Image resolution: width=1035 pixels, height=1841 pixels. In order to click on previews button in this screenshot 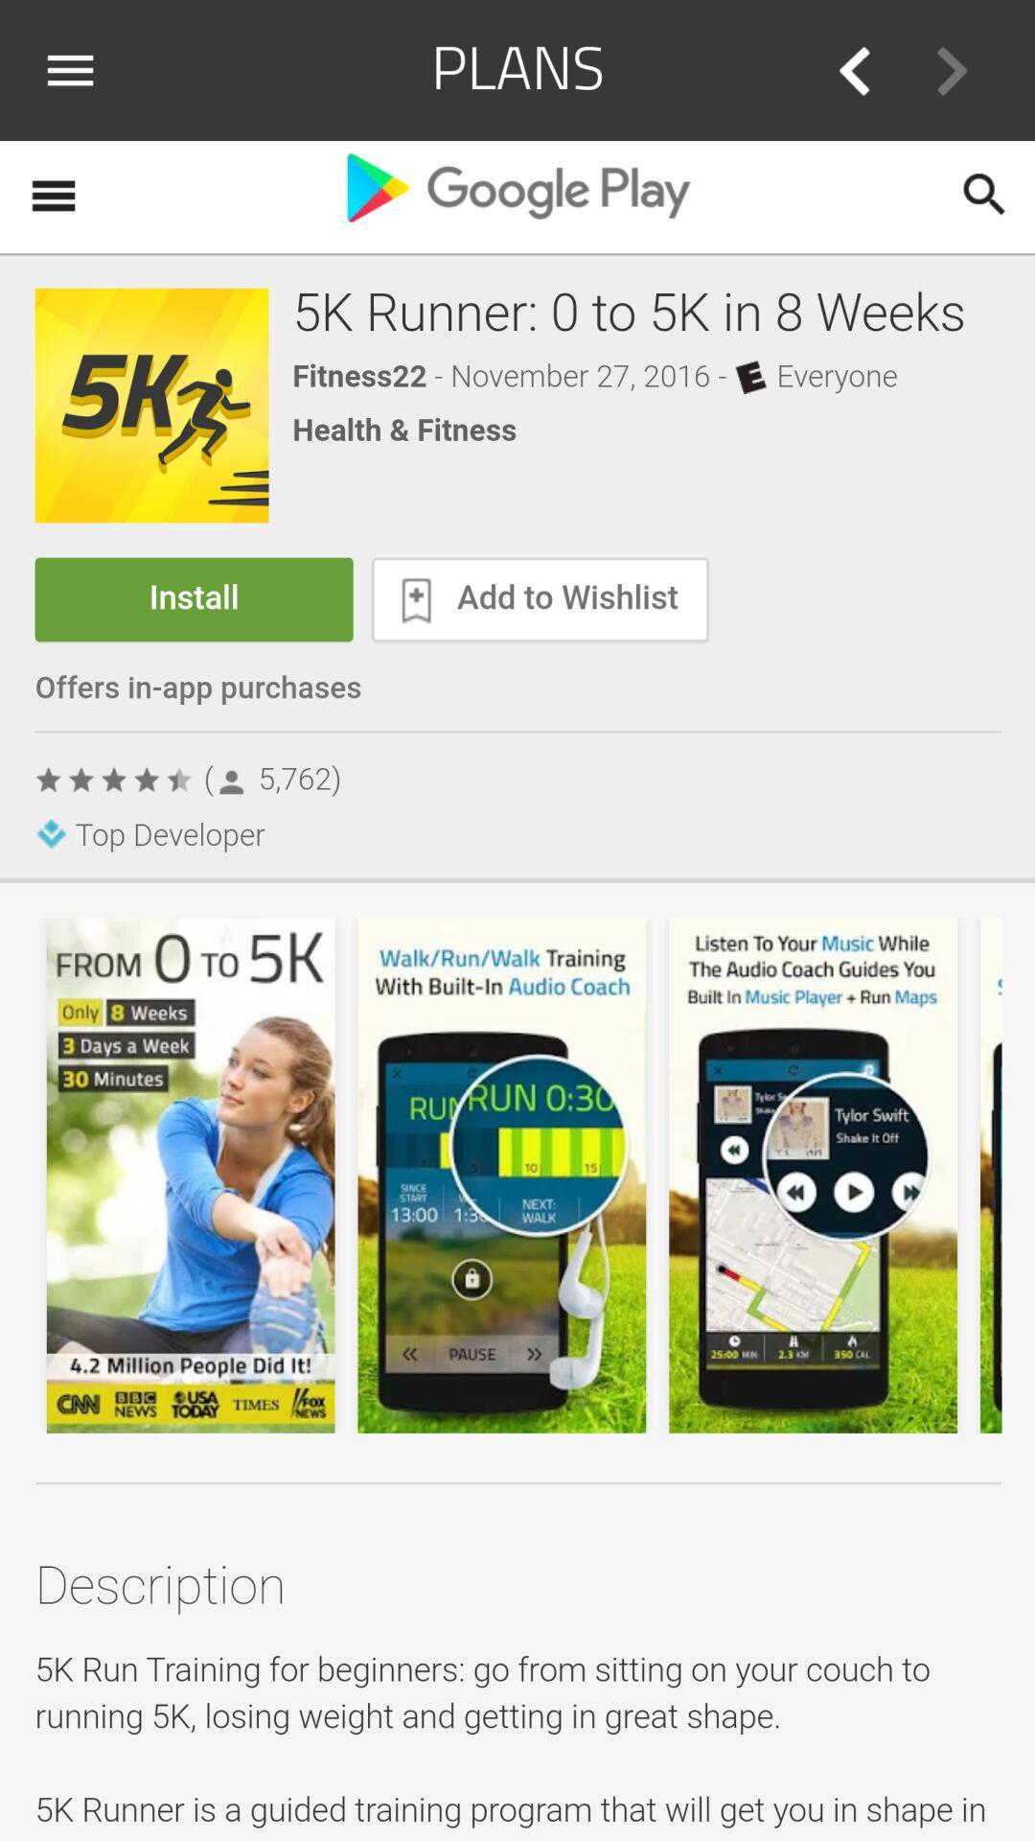, I will do `click(853, 70)`.